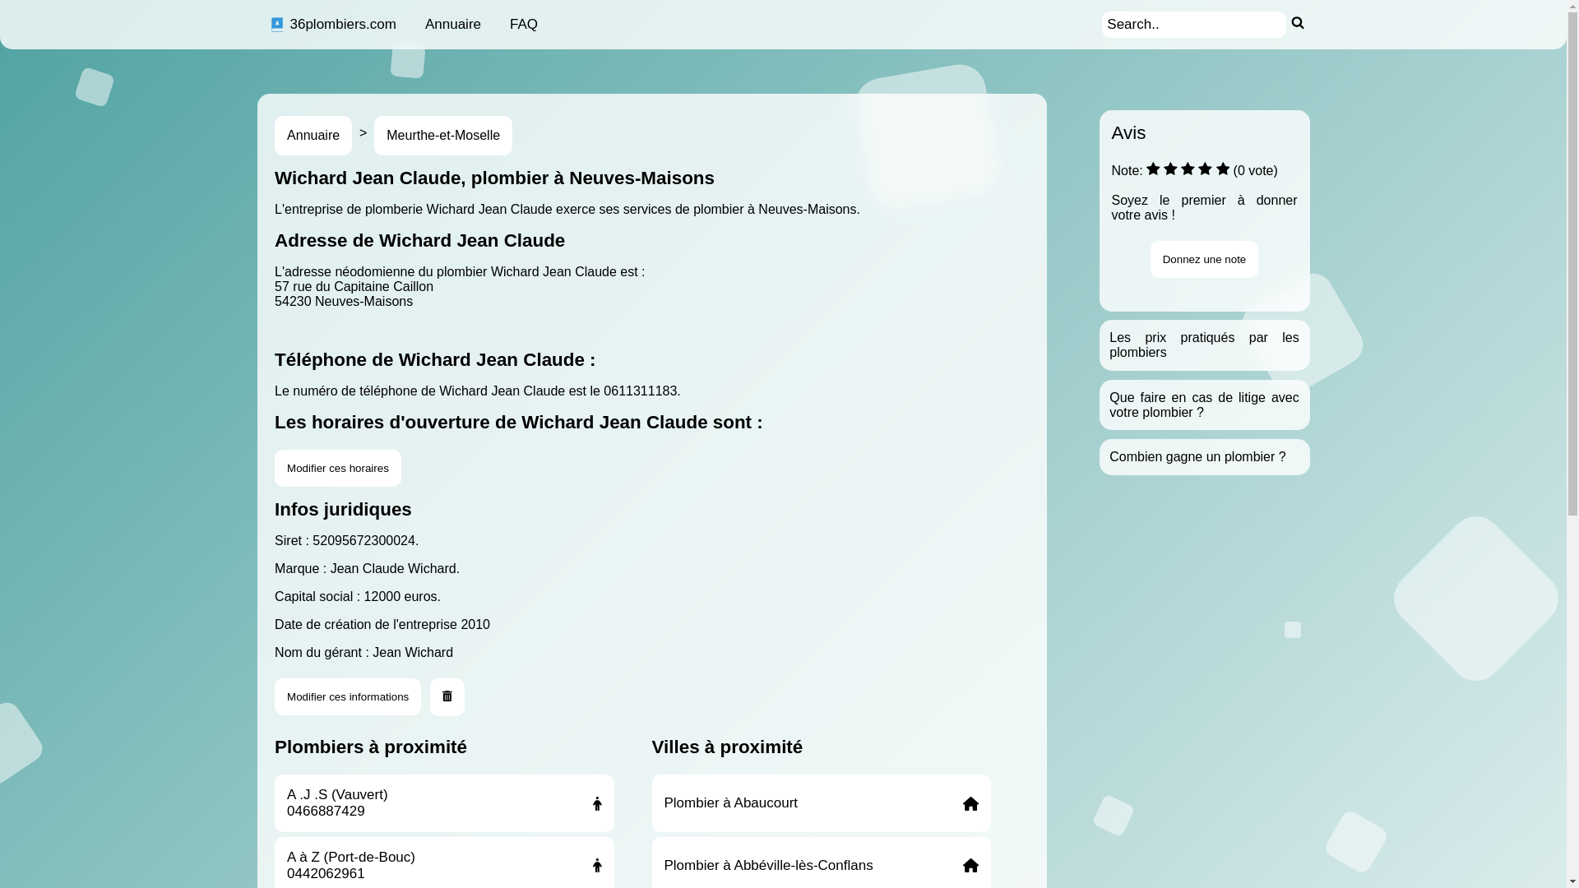 The height and width of the screenshot is (888, 1579). What do you see at coordinates (1204, 405) in the screenshot?
I see `'Que faire en cas de litige avec votre plombier ?'` at bounding box center [1204, 405].